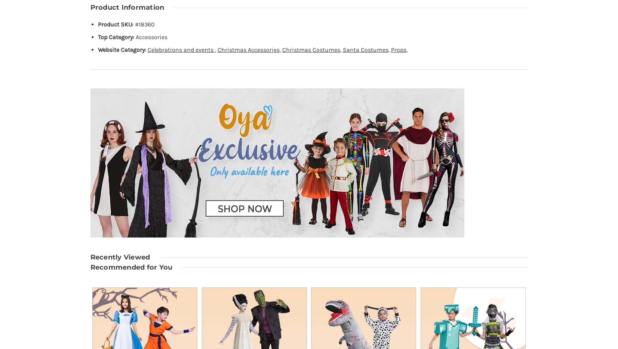 This screenshot has width=618, height=349. What do you see at coordinates (115, 24) in the screenshot?
I see `'Product SKU:'` at bounding box center [115, 24].